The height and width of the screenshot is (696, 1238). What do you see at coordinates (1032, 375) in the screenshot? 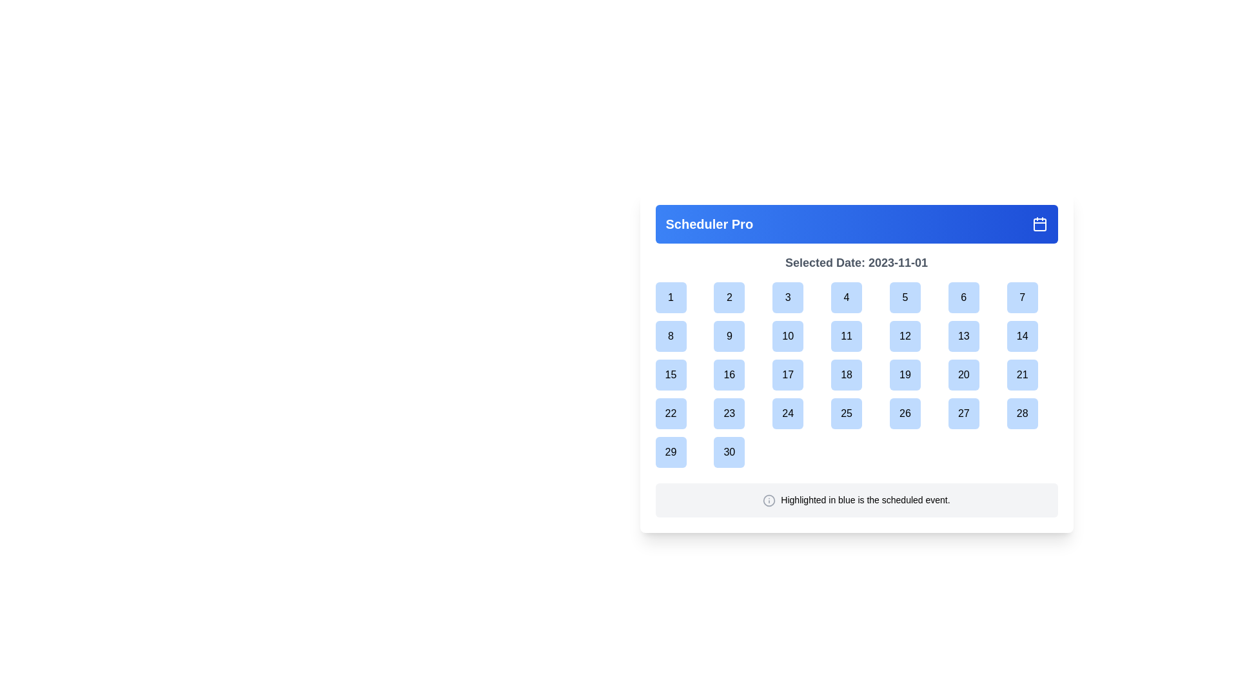
I see `the button representing the 21st date` at bounding box center [1032, 375].